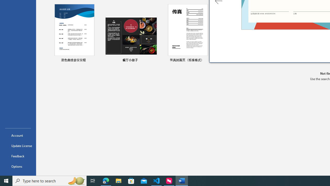  What do you see at coordinates (18, 146) in the screenshot?
I see `'Update License'` at bounding box center [18, 146].